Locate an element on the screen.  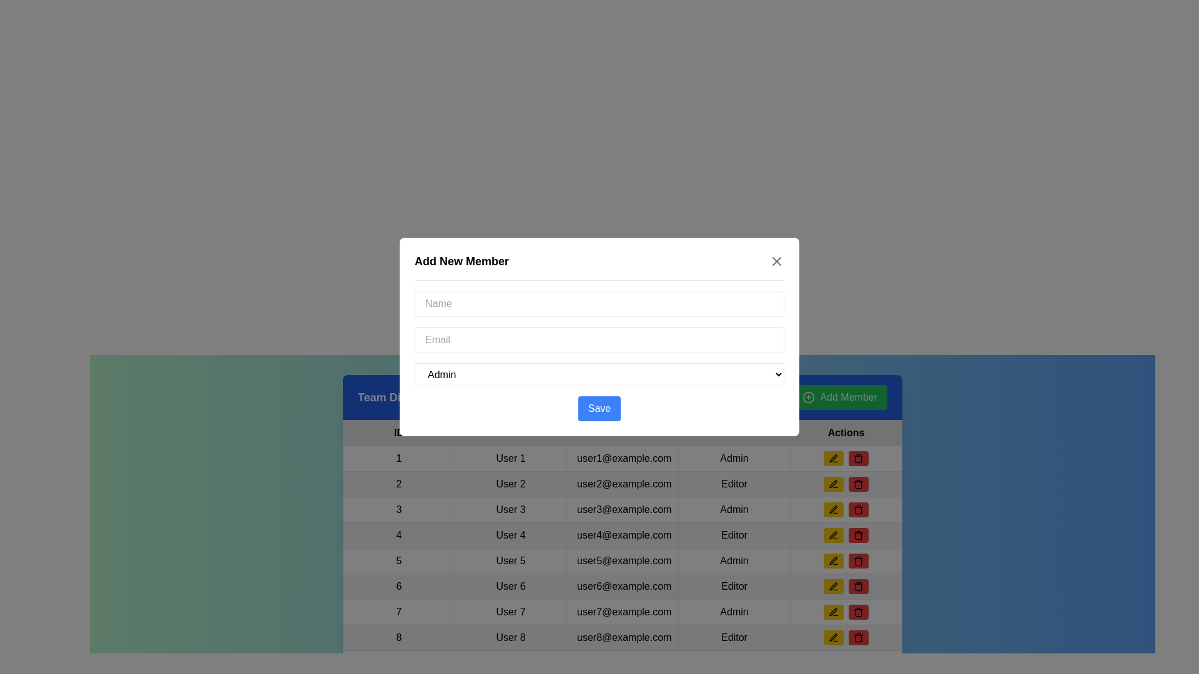
the fifth row of the table, which contains the index '5', user name 'User 5', email 'user5@example.com', and role 'Admin' is located at coordinates (623, 560).